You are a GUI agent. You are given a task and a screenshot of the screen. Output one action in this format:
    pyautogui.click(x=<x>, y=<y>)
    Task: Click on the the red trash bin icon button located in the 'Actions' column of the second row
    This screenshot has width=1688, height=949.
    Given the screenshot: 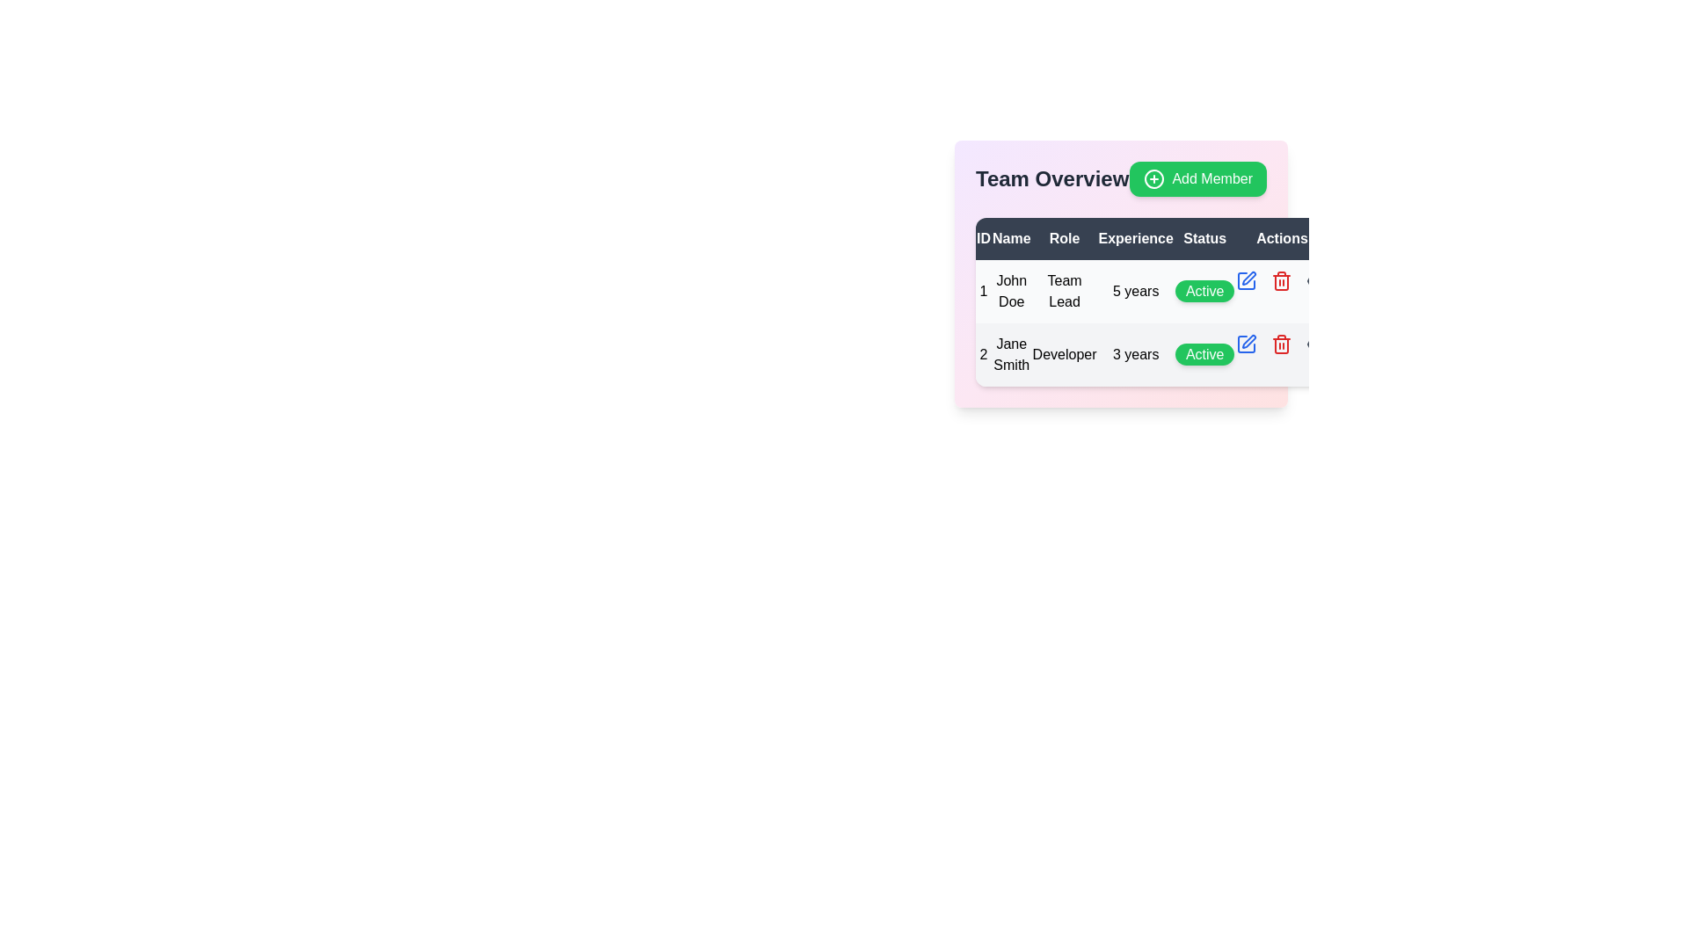 What is the action you would take?
    pyautogui.click(x=1282, y=280)
    